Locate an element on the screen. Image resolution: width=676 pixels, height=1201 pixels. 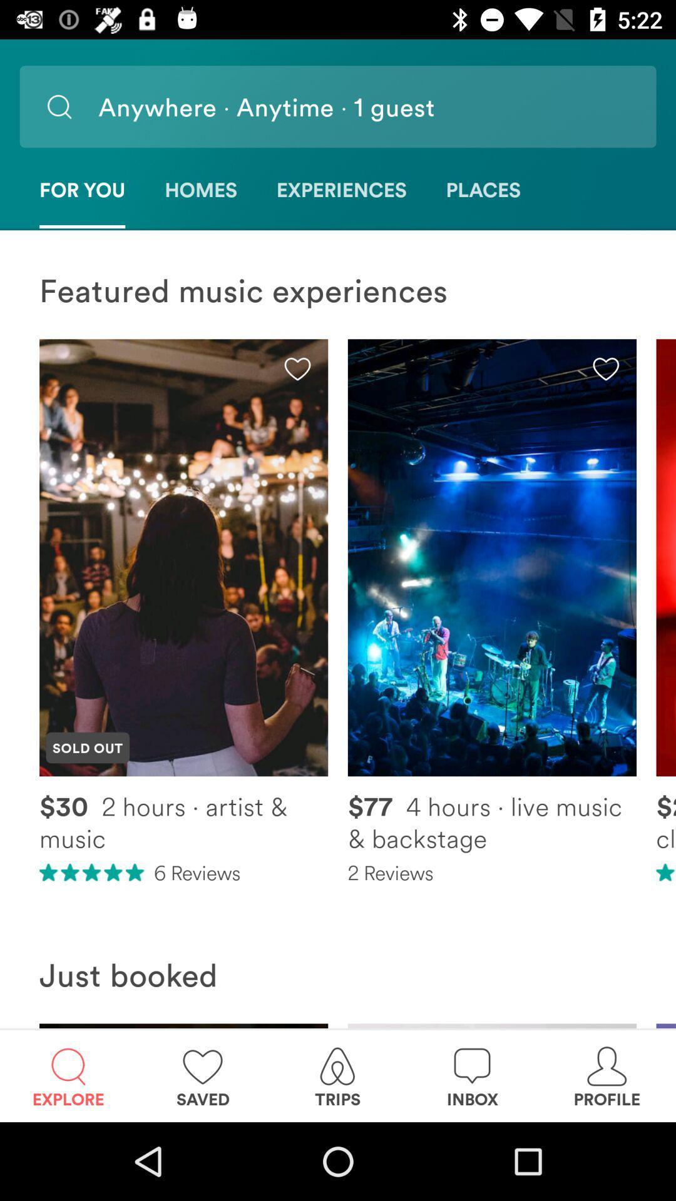
the search icon is located at coordinates (59, 106).